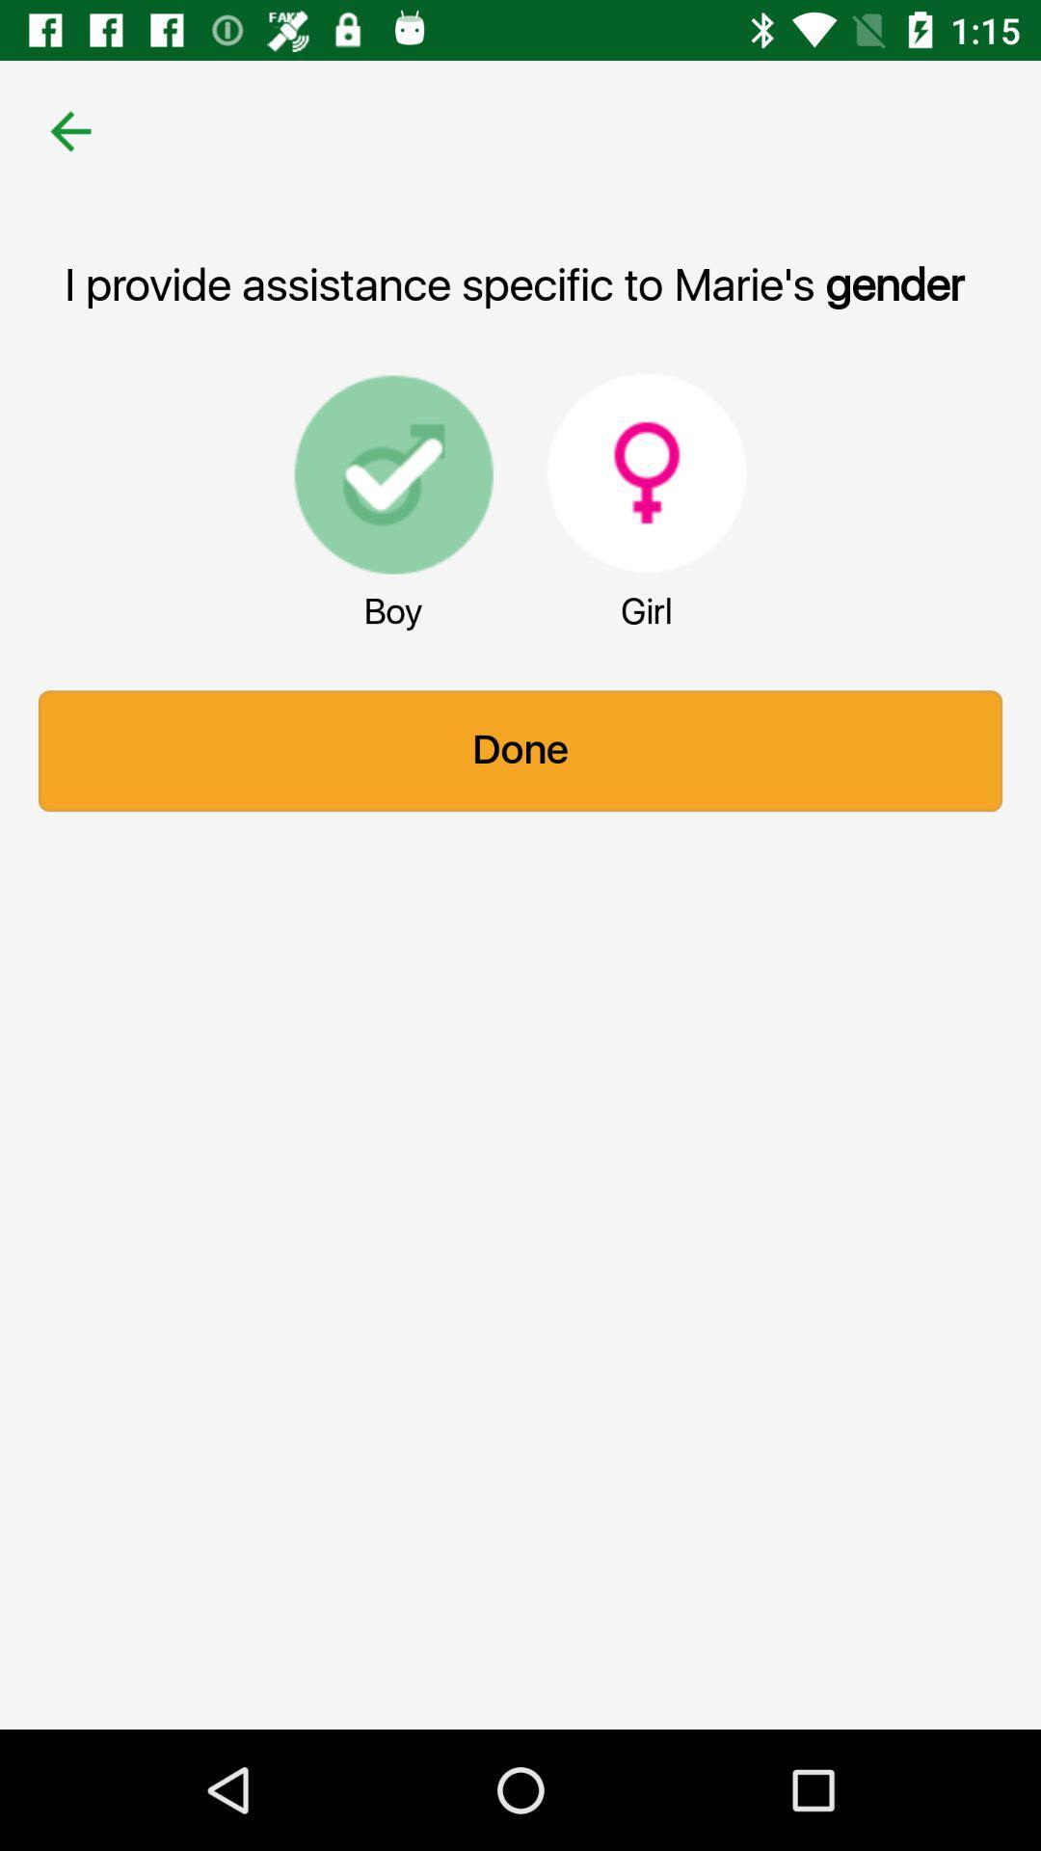  I want to click on choose female as gender by clicking icon, so click(647, 472).